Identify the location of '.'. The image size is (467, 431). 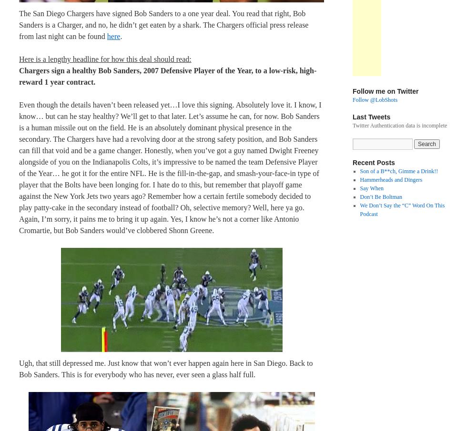
(120, 36).